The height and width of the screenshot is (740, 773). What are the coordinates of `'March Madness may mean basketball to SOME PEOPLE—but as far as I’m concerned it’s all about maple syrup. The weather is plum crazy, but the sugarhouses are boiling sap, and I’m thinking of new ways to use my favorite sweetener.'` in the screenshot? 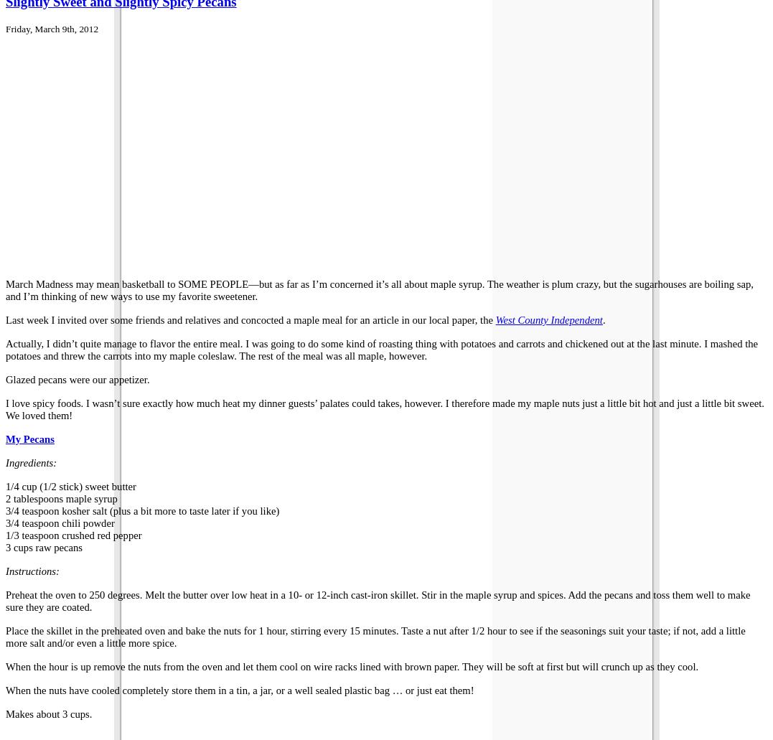 It's located at (378, 289).